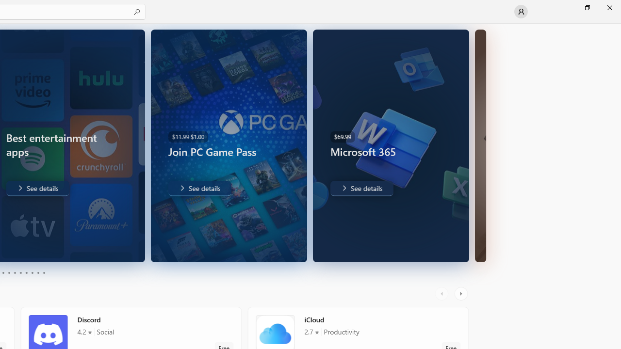 Image resolution: width=621 pixels, height=349 pixels. What do you see at coordinates (520, 12) in the screenshot?
I see `'User profile'` at bounding box center [520, 12].